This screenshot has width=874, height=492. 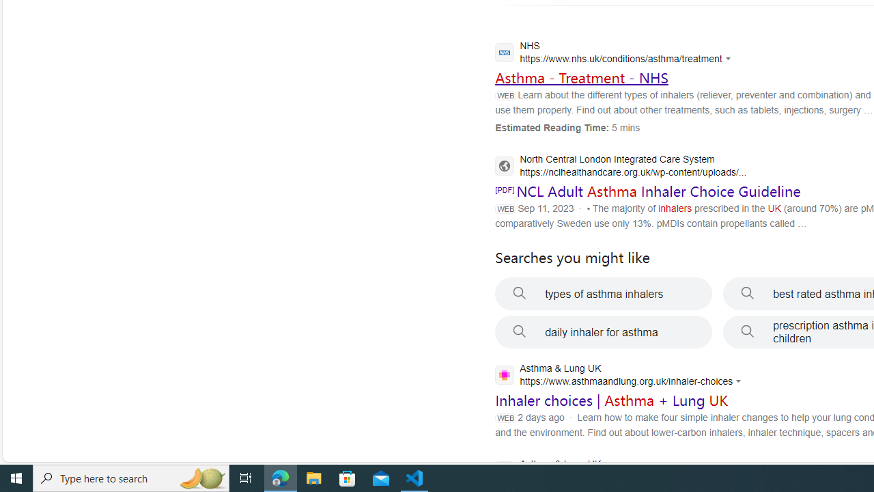 What do you see at coordinates (620, 166) in the screenshot?
I see `'North Central London Integrated Care System'` at bounding box center [620, 166].